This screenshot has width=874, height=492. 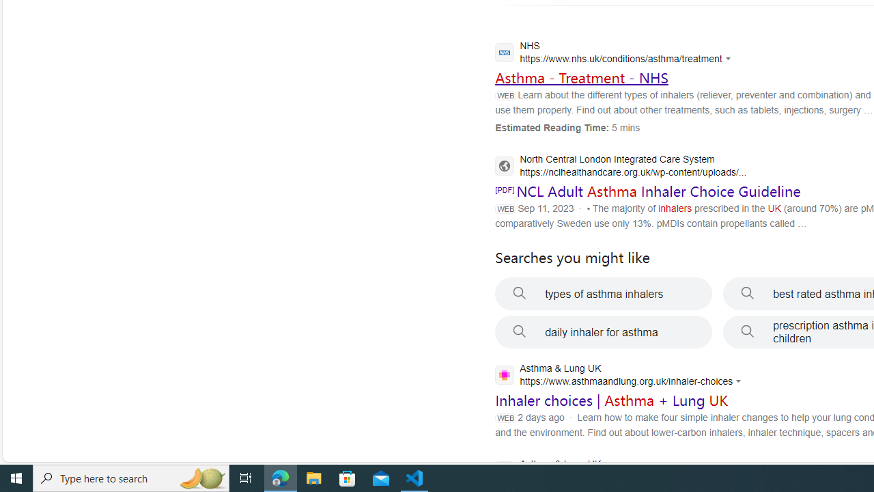 What do you see at coordinates (620, 166) in the screenshot?
I see `'North Central London Integrated Care System'` at bounding box center [620, 166].